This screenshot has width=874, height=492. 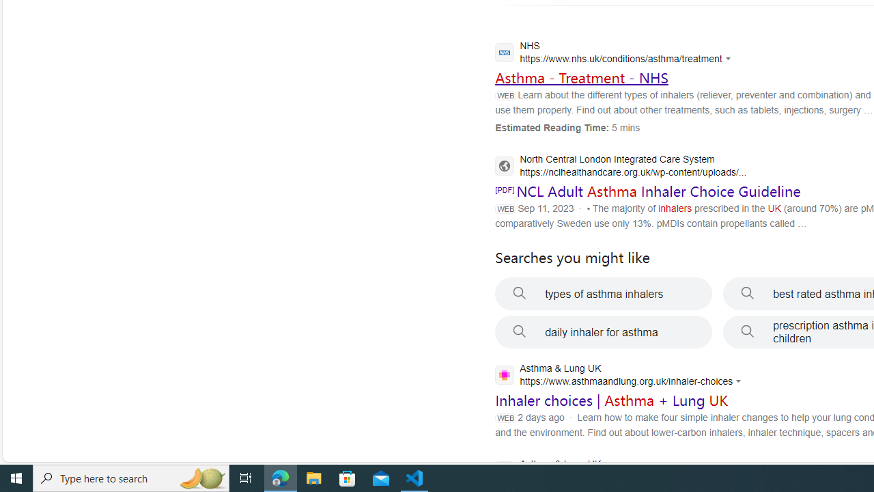 What do you see at coordinates (620, 166) in the screenshot?
I see `'North Central London Integrated Care System'` at bounding box center [620, 166].